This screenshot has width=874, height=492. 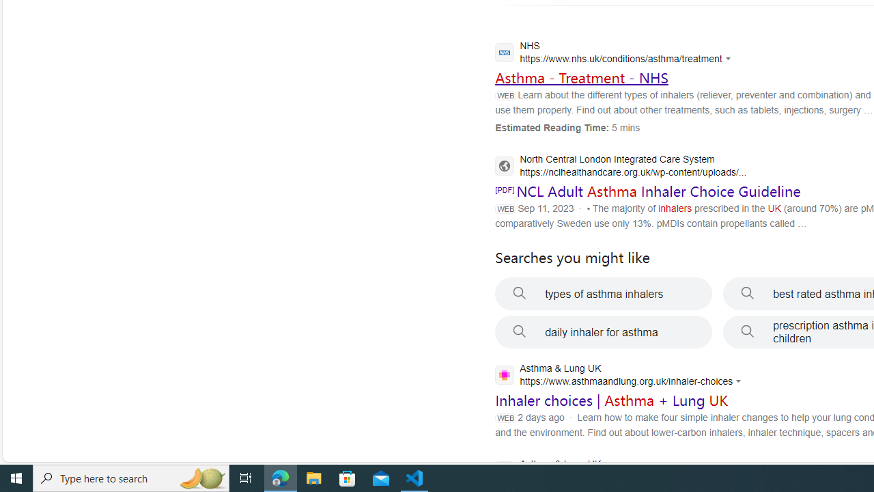 What do you see at coordinates (620, 166) in the screenshot?
I see `'North Central London Integrated Care System'` at bounding box center [620, 166].